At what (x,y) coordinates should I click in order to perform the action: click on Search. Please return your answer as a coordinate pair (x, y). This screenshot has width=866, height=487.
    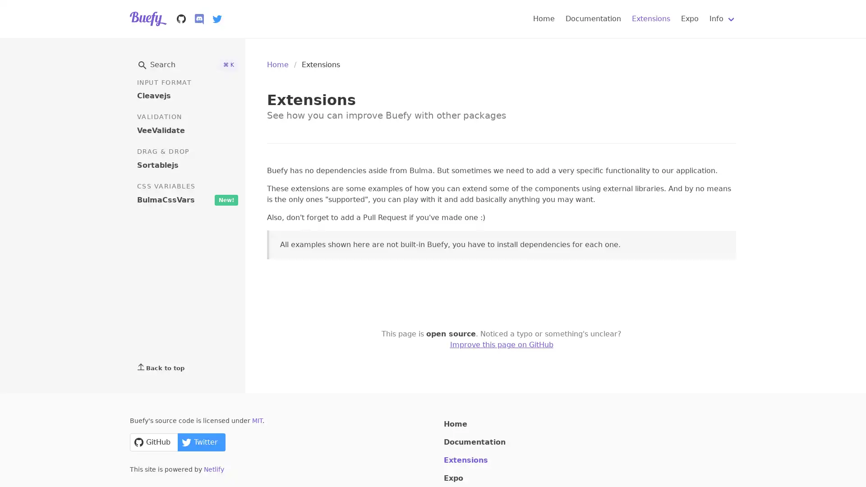
    Looking at the image, I should click on (187, 64).